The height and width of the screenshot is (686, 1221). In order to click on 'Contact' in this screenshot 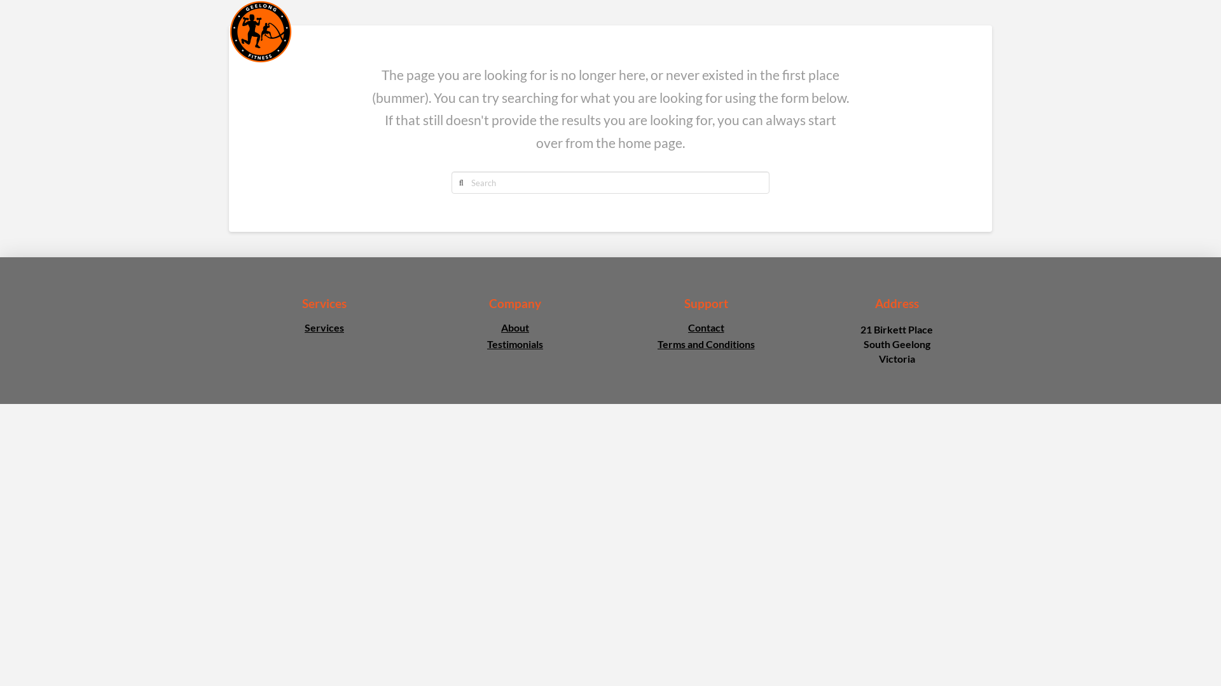, I will do `click(705, 330)`.